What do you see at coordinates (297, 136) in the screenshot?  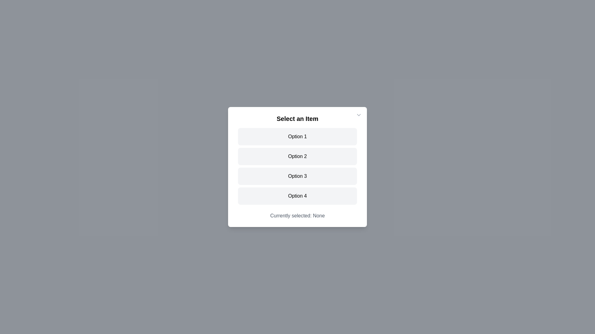 I see `the item Option 1 from the list` at bounding box center [297, 136].